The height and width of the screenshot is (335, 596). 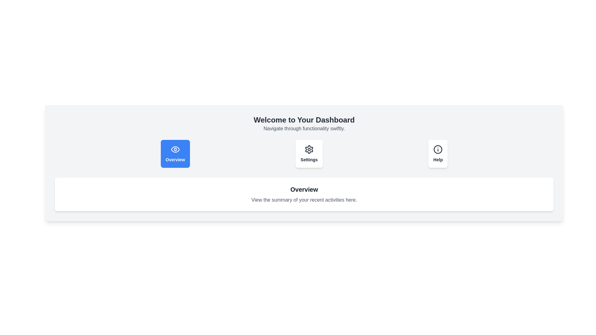 What do you see at coordinates (175, 154) in the screenshot?
I see `the 'Overview' button located to the left of the 'Settings' and 'Help' buttons, below the 'Welcome to Your Dashboard' heading` at bounding box center [175, 154].